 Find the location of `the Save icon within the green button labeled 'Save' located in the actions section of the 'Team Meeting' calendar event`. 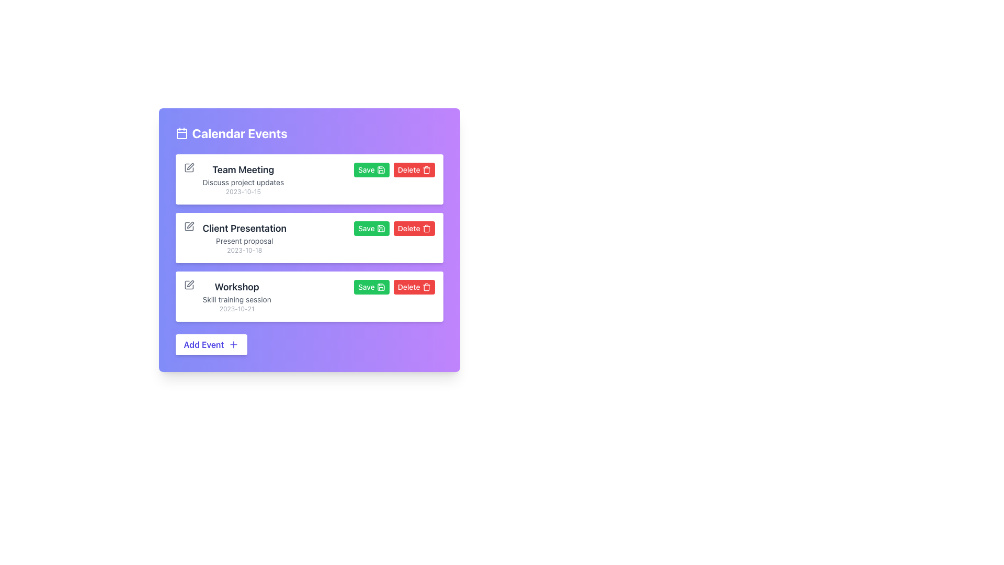

the Save icon within the green button labeled 'Save' located in the actions section of the 'Team Meeting' calendar event is located at coordinates (380, 169).